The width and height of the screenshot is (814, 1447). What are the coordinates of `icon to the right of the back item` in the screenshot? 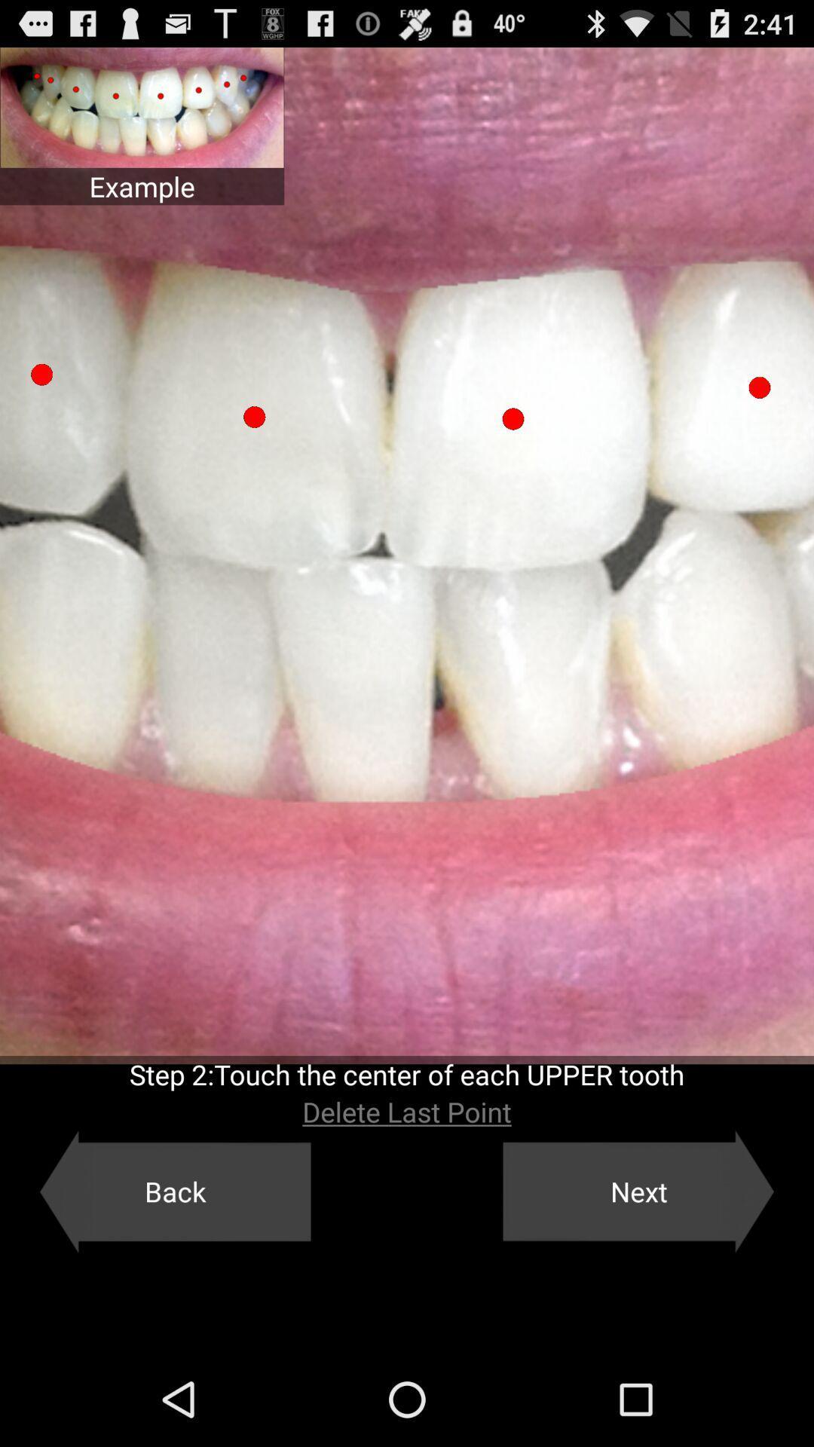 It's located at (638, 1191).